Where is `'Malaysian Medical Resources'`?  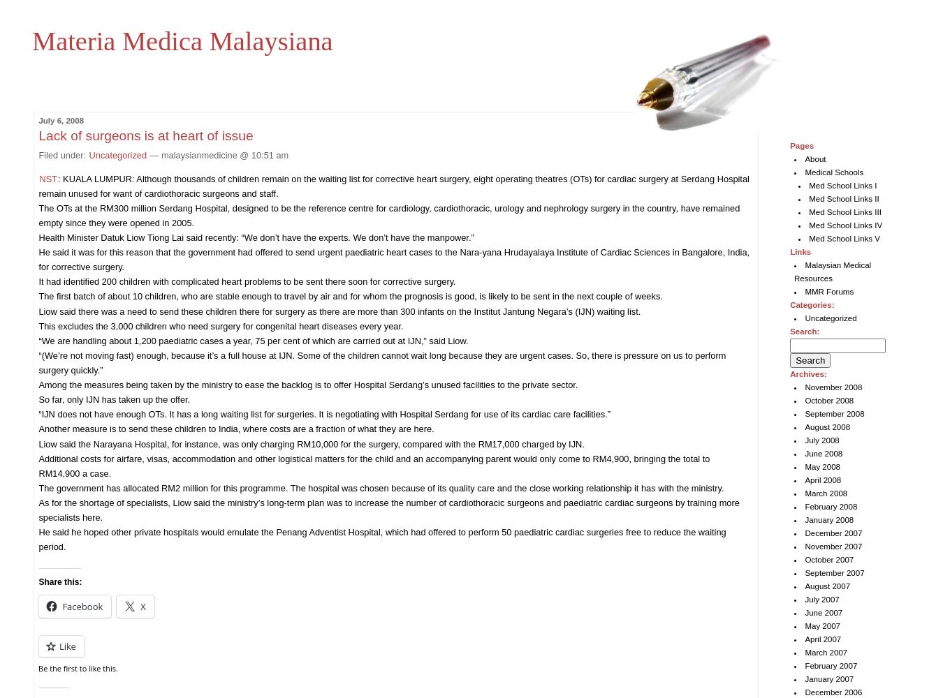 'Malaysian Medical Resources' is located at coordinates (793, 272).